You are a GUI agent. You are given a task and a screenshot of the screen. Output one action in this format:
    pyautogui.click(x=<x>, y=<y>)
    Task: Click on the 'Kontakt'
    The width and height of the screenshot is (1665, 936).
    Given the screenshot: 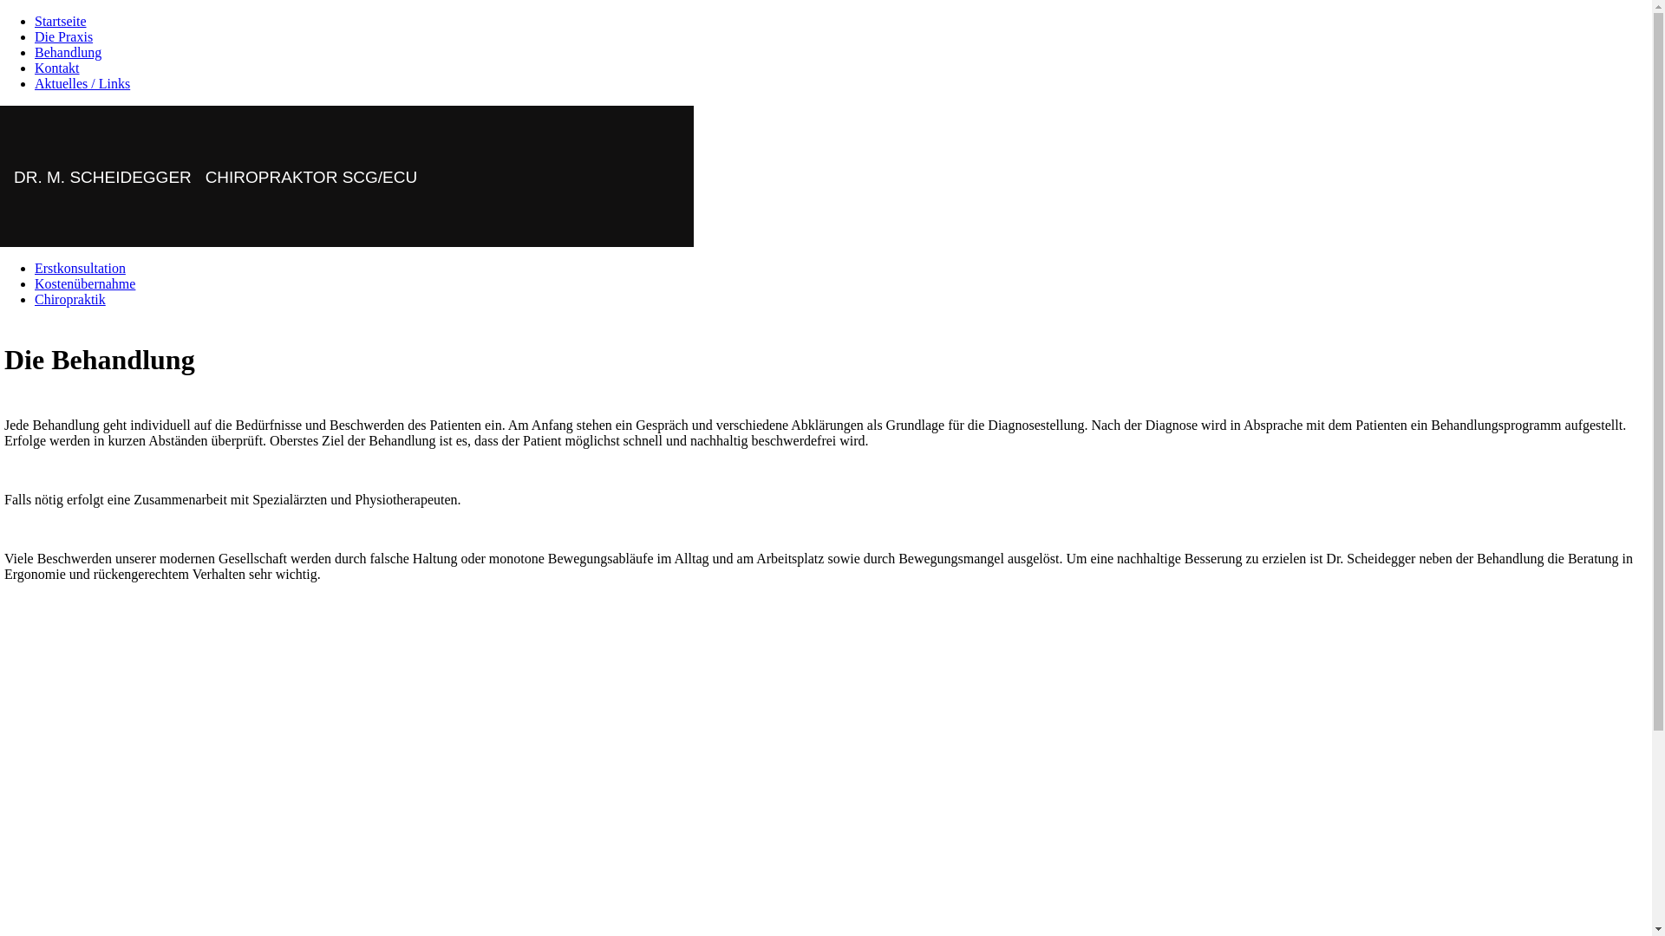 What is the action you would take?
    pyautogui.click(x=57, y=67)
    